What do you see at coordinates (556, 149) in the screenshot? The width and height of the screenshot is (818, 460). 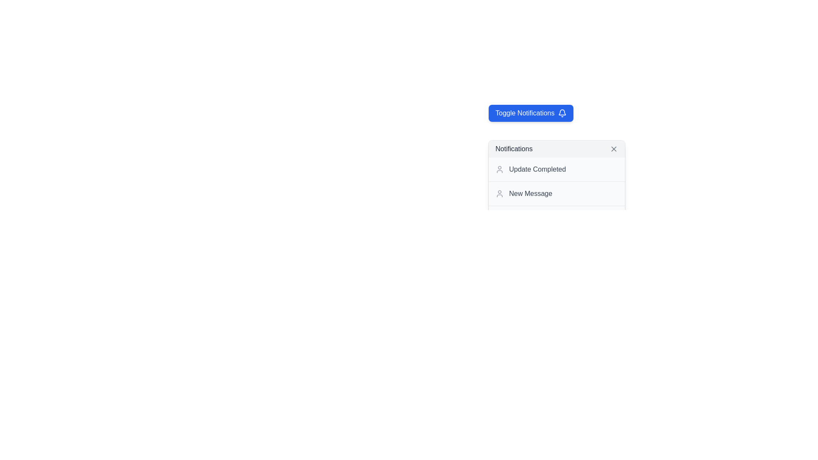 I see `the 'Notifications' title bar component, which has a light gray background and a close button on the right` at bounding box center [556, 149].